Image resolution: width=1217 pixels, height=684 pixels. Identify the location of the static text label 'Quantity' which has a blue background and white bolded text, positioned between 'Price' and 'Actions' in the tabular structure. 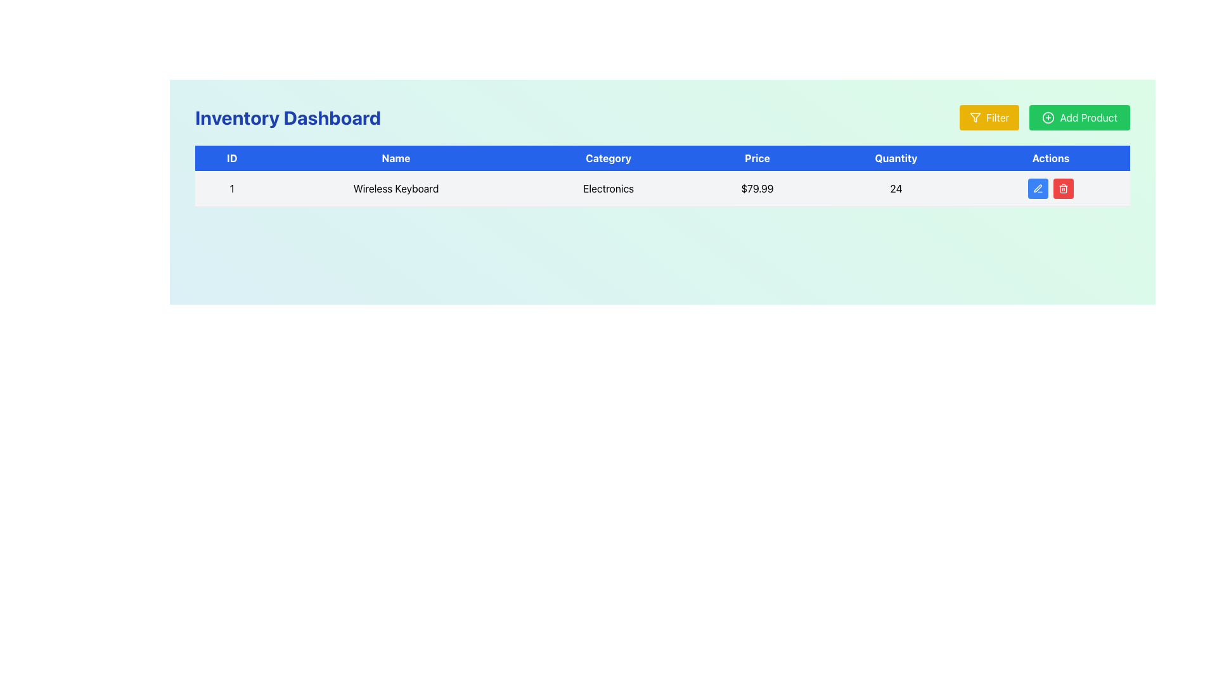
(895, 158).